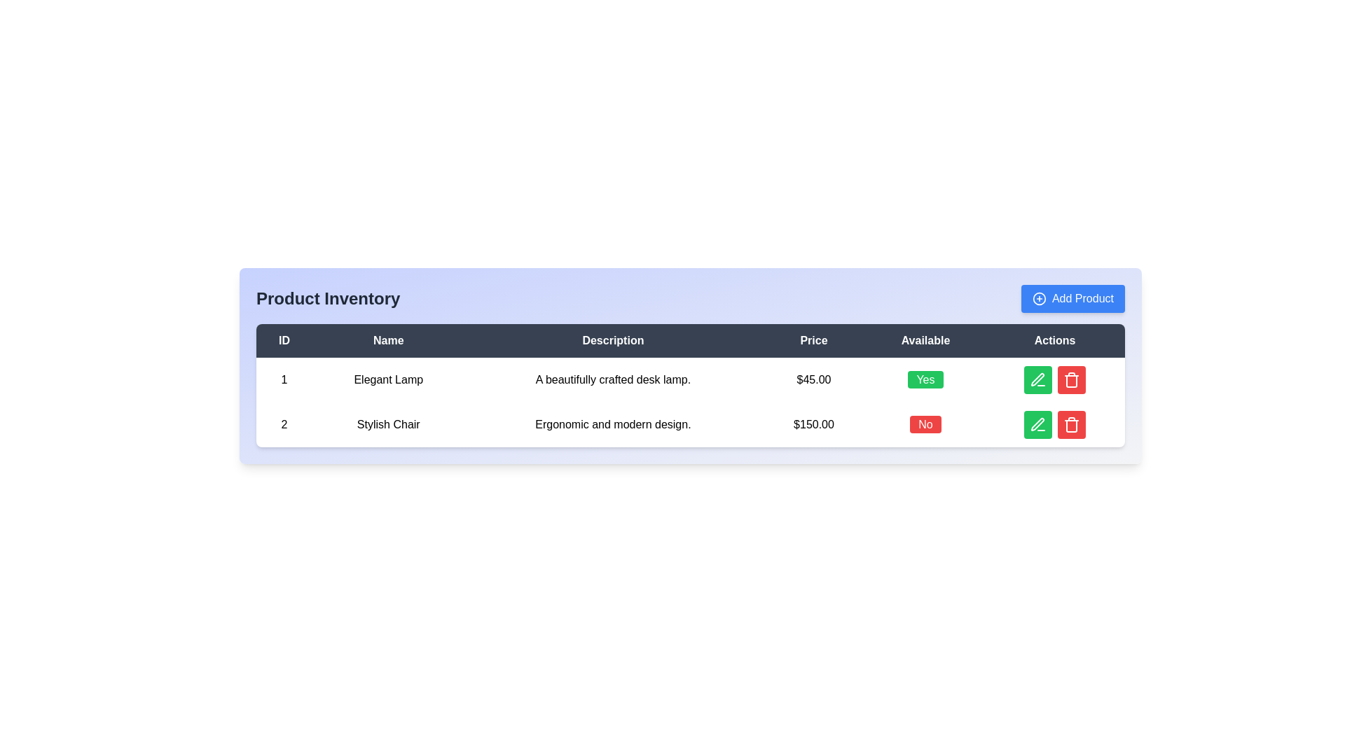 This screenshot has width=1345, height=756. I want to click on the vertical rectangular vector graphic element representing a trash bin icon located in the 'Actions' column of the second row in the table, so click(1071, 426).